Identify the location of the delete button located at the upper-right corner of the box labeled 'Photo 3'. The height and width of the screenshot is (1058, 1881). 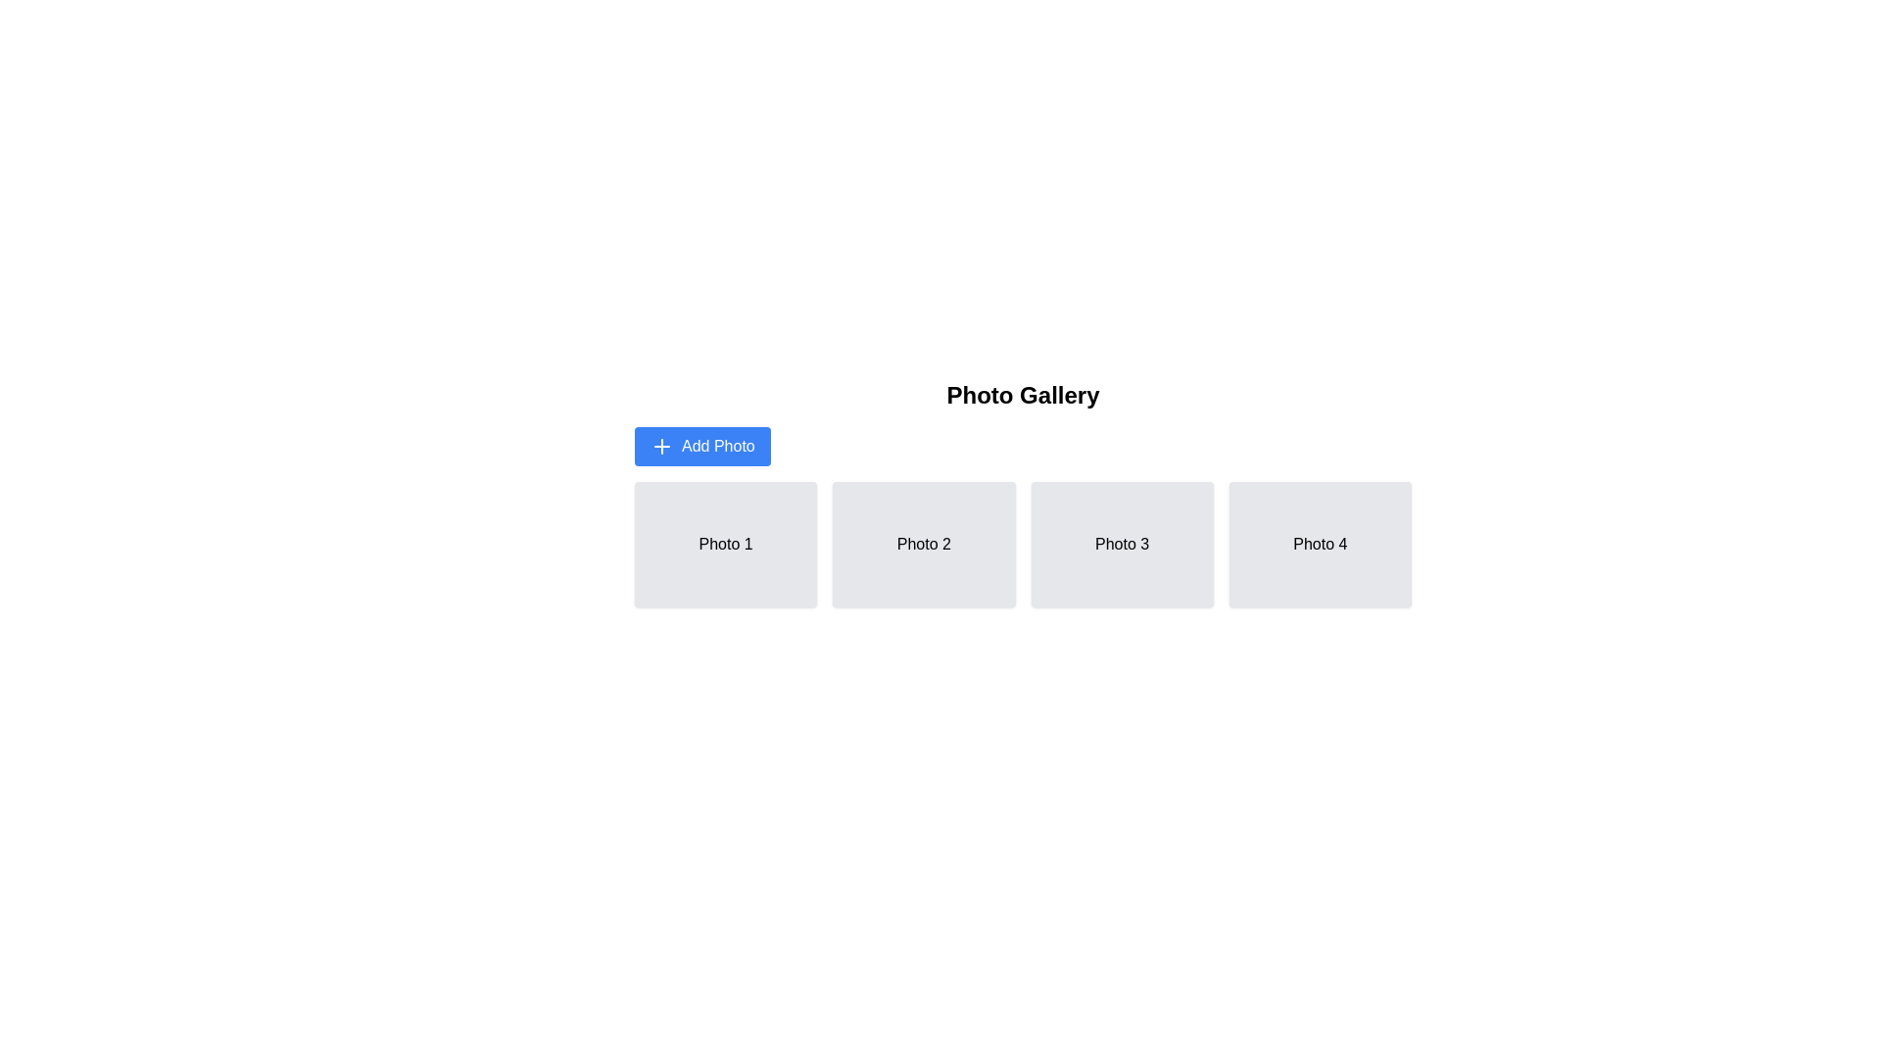
(1196, 497).